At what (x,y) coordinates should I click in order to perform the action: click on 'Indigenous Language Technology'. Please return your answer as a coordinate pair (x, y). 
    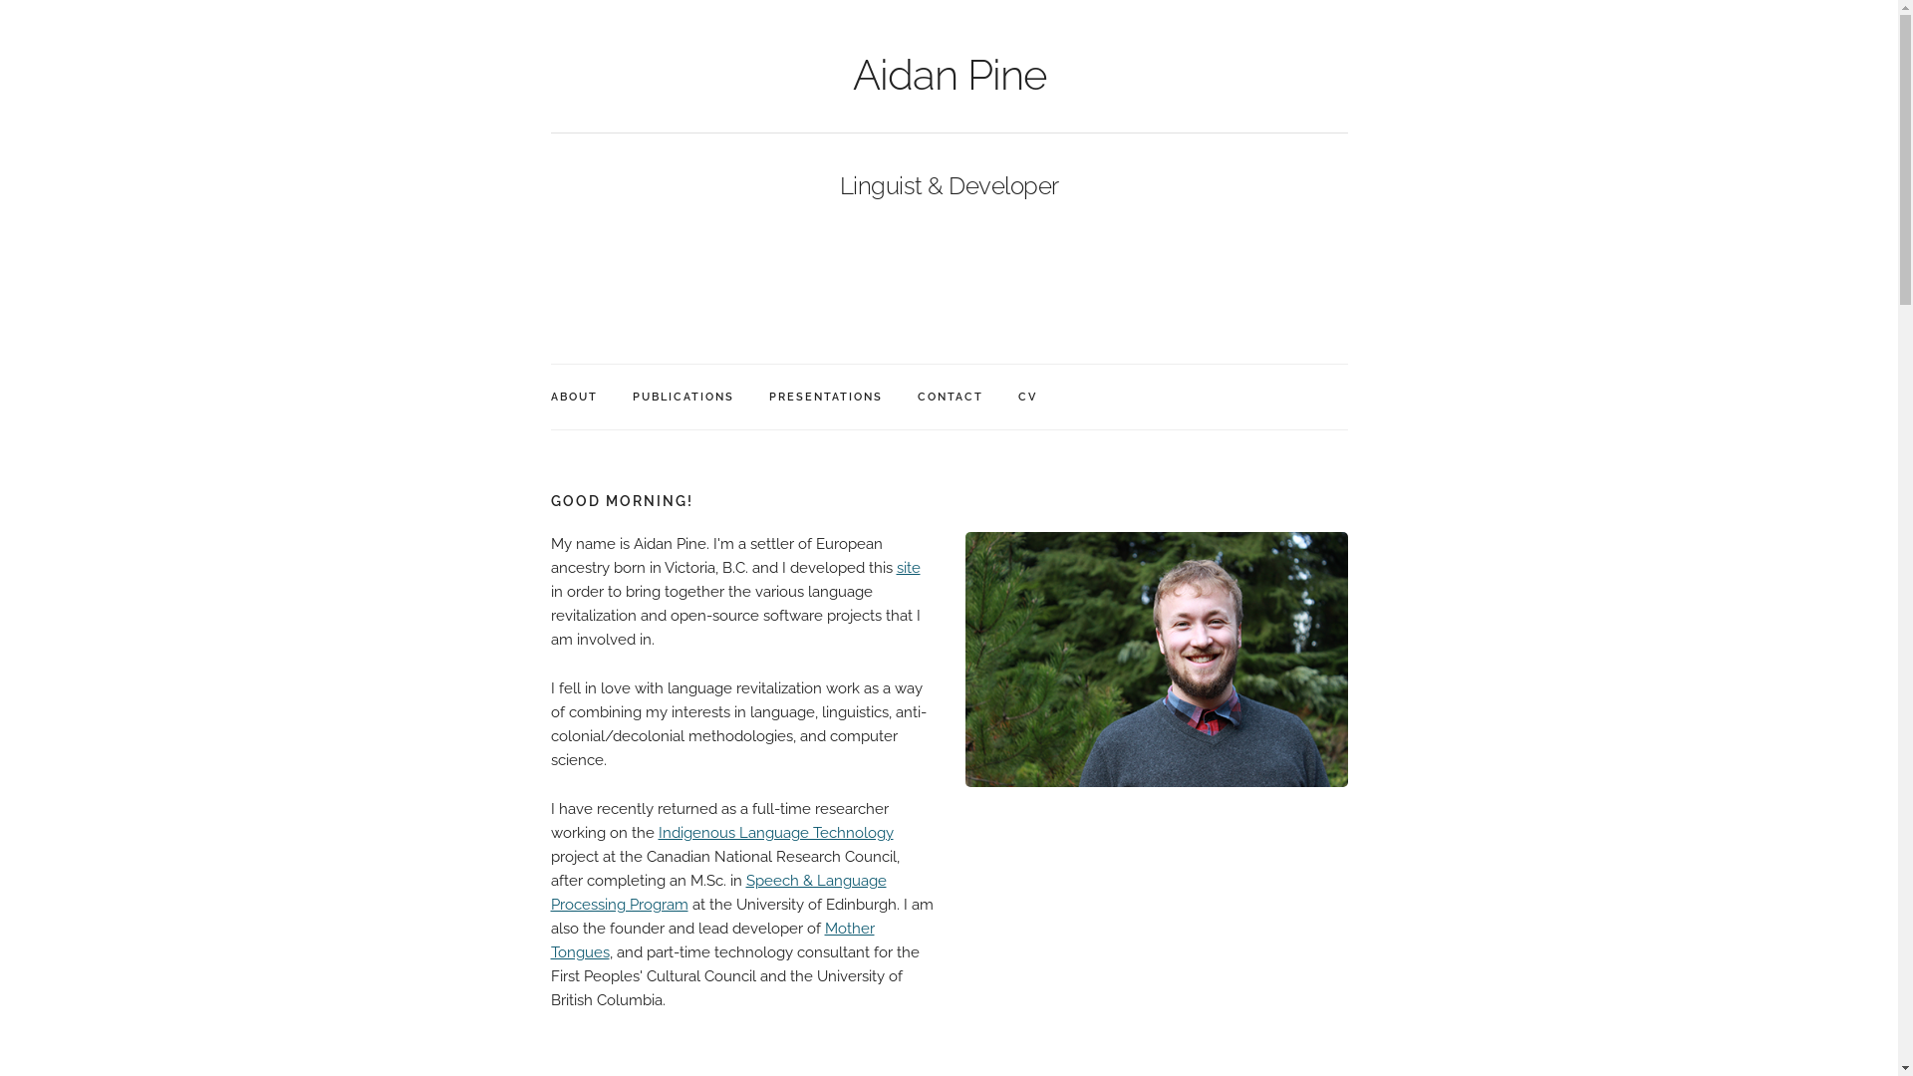
    Looking at the image, I should click on (773, 833).